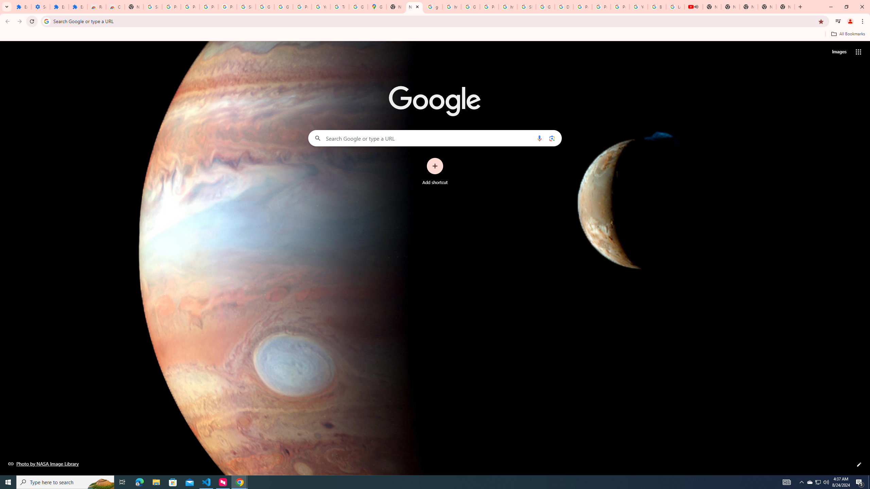  What do you see at coordinates (451, 6) in the screenshot?
I see `'https://scholar.google.com/'` at bounding box center [451, 6].